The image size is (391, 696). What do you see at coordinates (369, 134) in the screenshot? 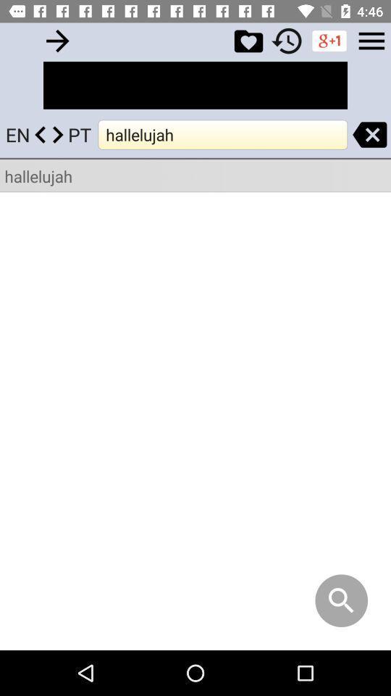
I see `search close button` at bounding box center [369, 134].